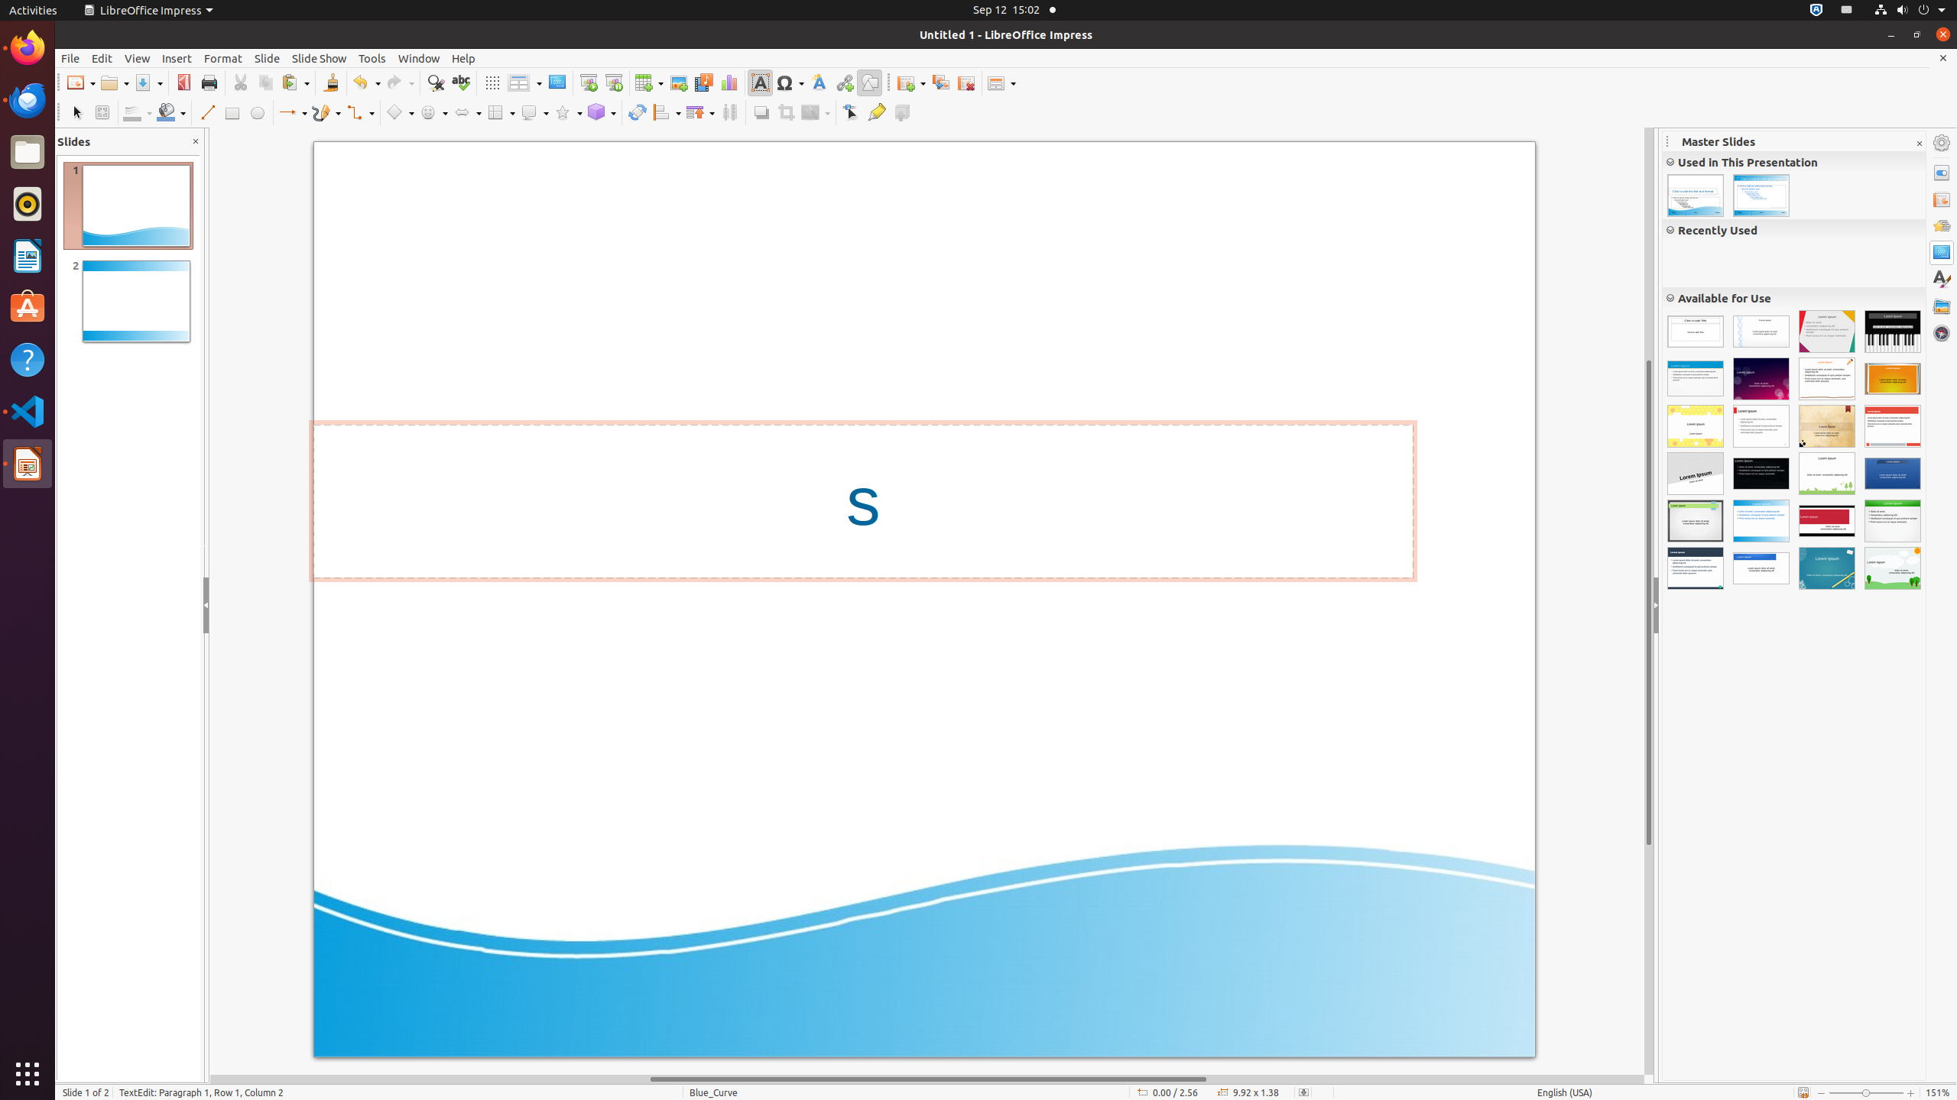 The width and height of the screenshot is (1957, 1100). What do you see at coordinates (115, 82) in the screenshot?
I see `'Open'` at bounding box center [115, 82].